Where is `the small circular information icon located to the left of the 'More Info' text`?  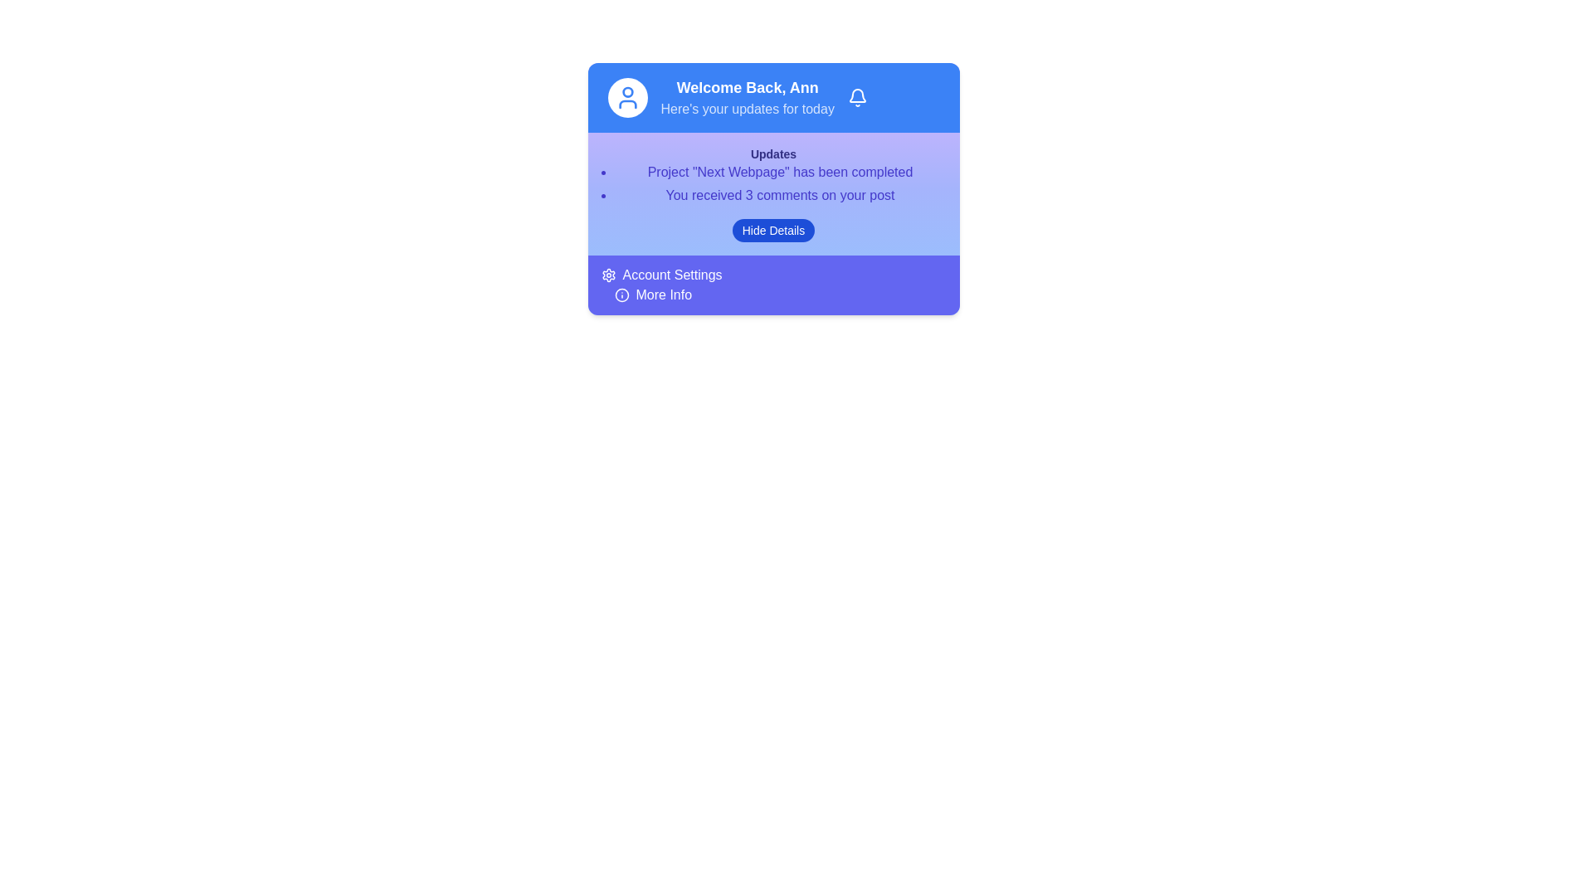
the small circular information icon located to the left of the 'More Info' text is located at coordinates (621, 294).